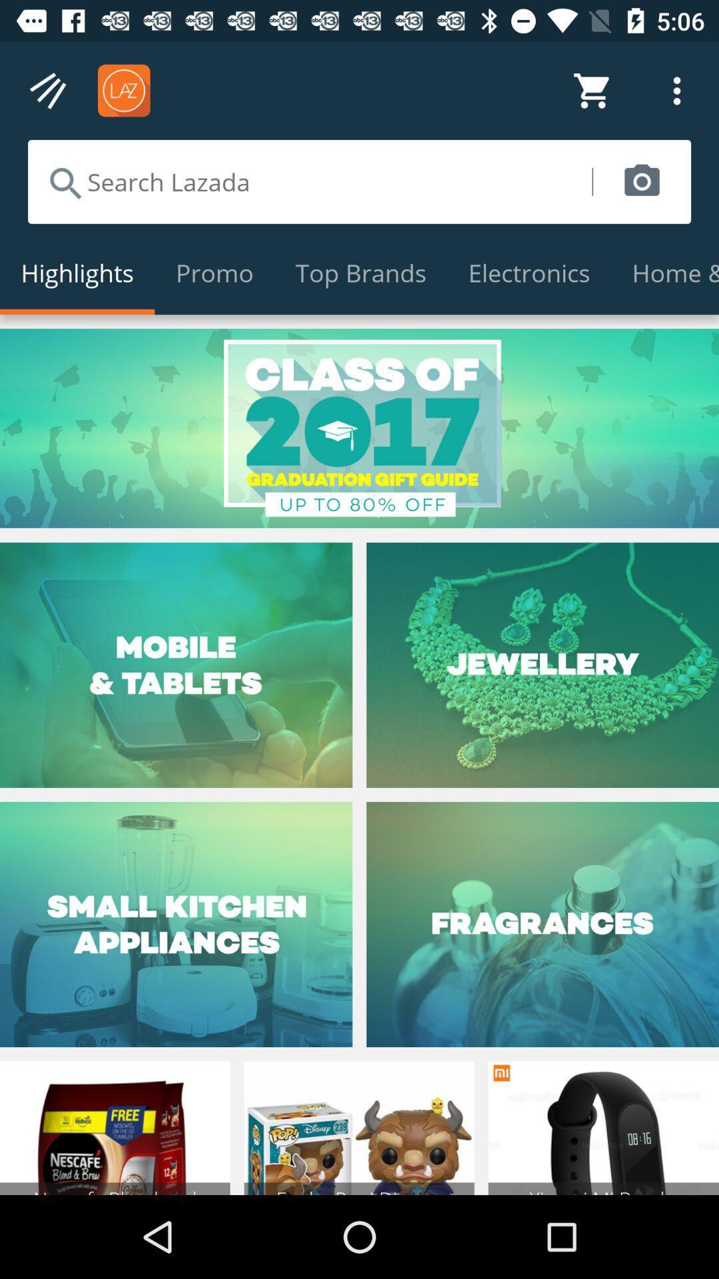 Image resolution: width=719 pixels, height=1279 pixels. Describe the element at coordinates (641, 181) in the screenshot. I see `picture` at that location.